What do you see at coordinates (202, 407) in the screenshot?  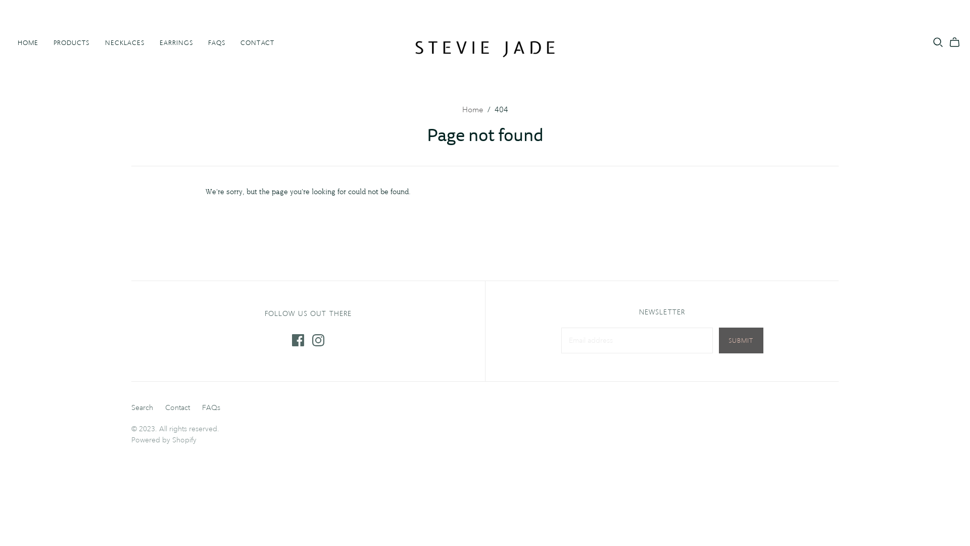 I see `'FAQs'` at bounding box center [202, 407].